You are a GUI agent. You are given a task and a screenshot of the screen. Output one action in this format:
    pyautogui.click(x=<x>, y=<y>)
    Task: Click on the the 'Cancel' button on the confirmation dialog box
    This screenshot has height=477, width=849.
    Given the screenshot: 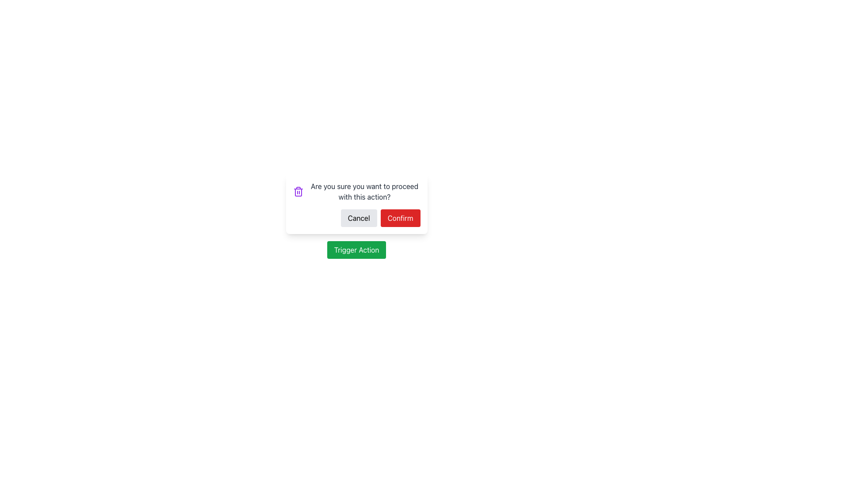 What is the action you would take?
    pyautogui.click(x=356, y=204)
    